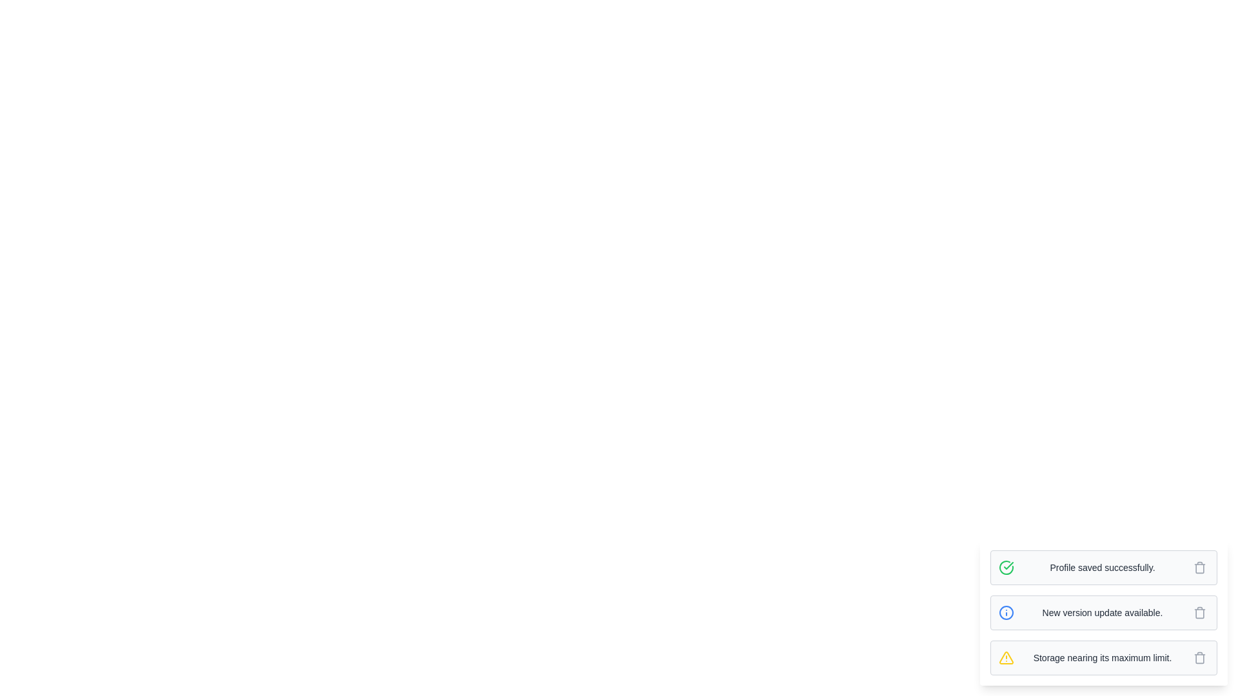 The height and width of the screenshot is (696, 1238). Describe the element at coordinates (1101, 566) in the screenshot. I see `the message text to read its details` at that location.